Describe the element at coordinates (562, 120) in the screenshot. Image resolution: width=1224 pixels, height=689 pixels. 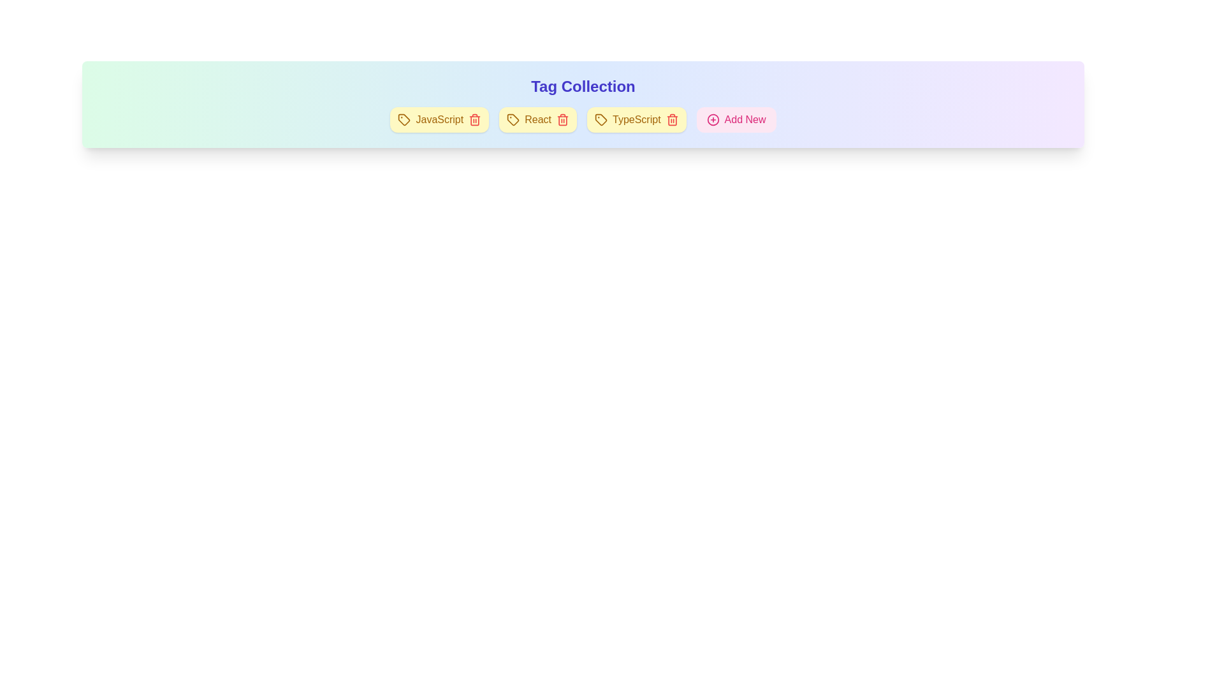
I see `the small red trash can icon button located in the 'React' tag to observe the styling change due to the hover effect` at that location.